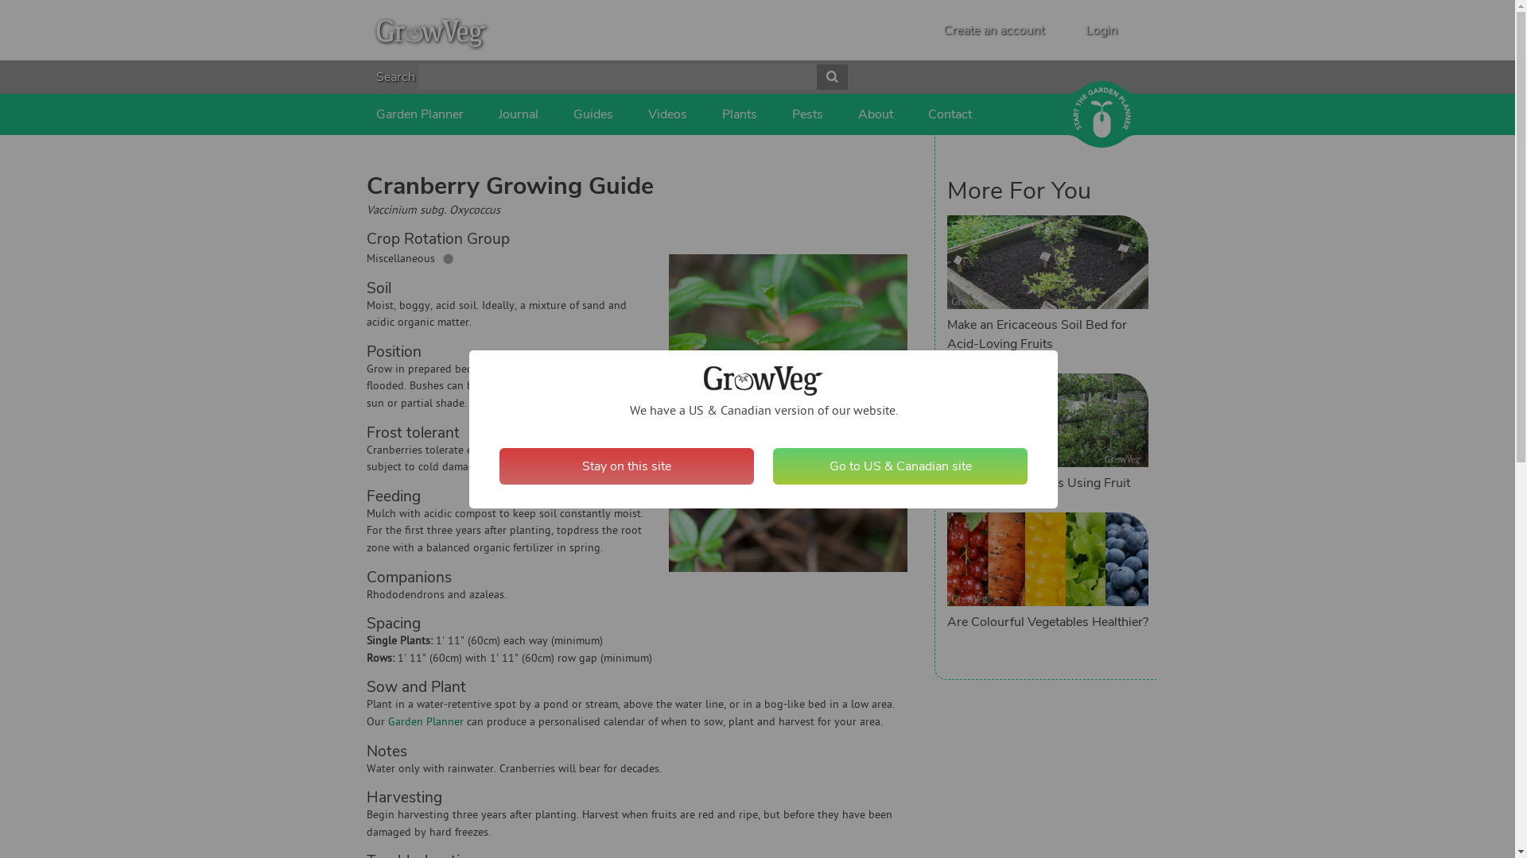 This screenshot has height=858, width=1527. Describe the element at coordinates (1099, 30) in the screenshot. I see `'Login'` at that location.